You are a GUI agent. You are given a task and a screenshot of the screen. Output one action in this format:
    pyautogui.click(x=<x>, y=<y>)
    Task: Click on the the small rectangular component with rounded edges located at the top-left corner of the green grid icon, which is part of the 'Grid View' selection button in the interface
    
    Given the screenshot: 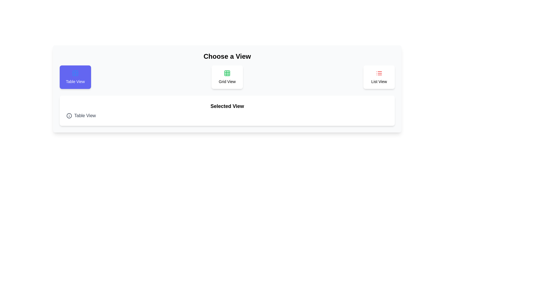 What is the action you would take?
    pyautogui.click(x=227, y=73)
    